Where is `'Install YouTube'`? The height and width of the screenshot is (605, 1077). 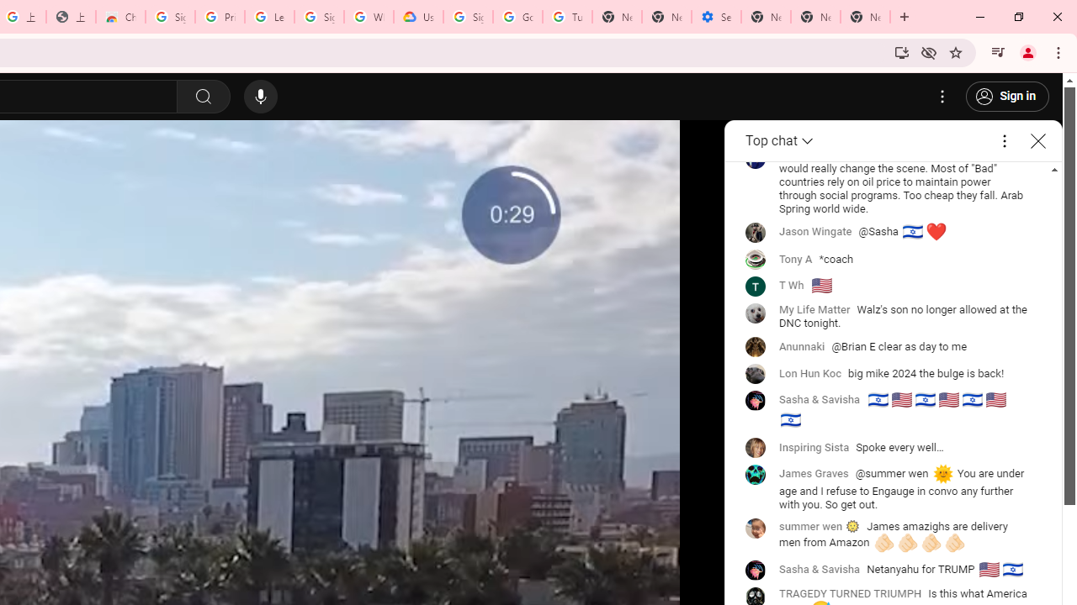 'Install YouTube' is located at coordinates (901, 51).